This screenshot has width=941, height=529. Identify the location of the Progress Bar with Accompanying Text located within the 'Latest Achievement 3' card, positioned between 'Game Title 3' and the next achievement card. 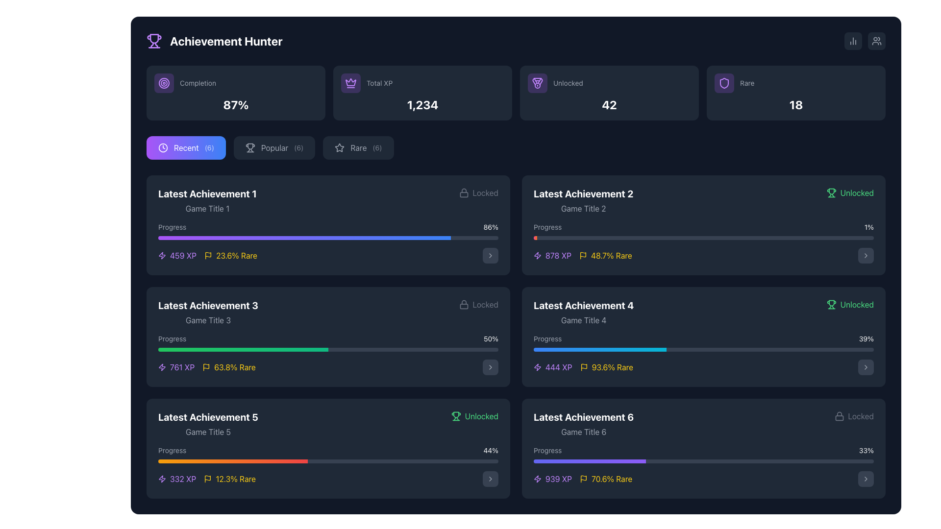
(328, 355).